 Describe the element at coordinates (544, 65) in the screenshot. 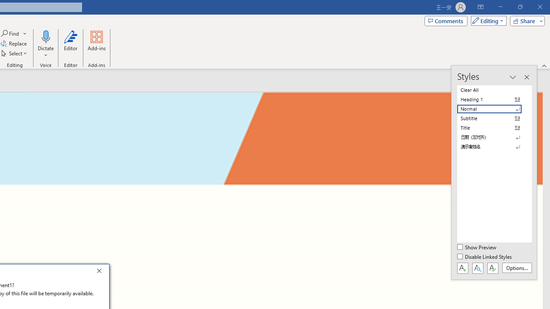

I see `'Collapse the Ribbon'` at that location.